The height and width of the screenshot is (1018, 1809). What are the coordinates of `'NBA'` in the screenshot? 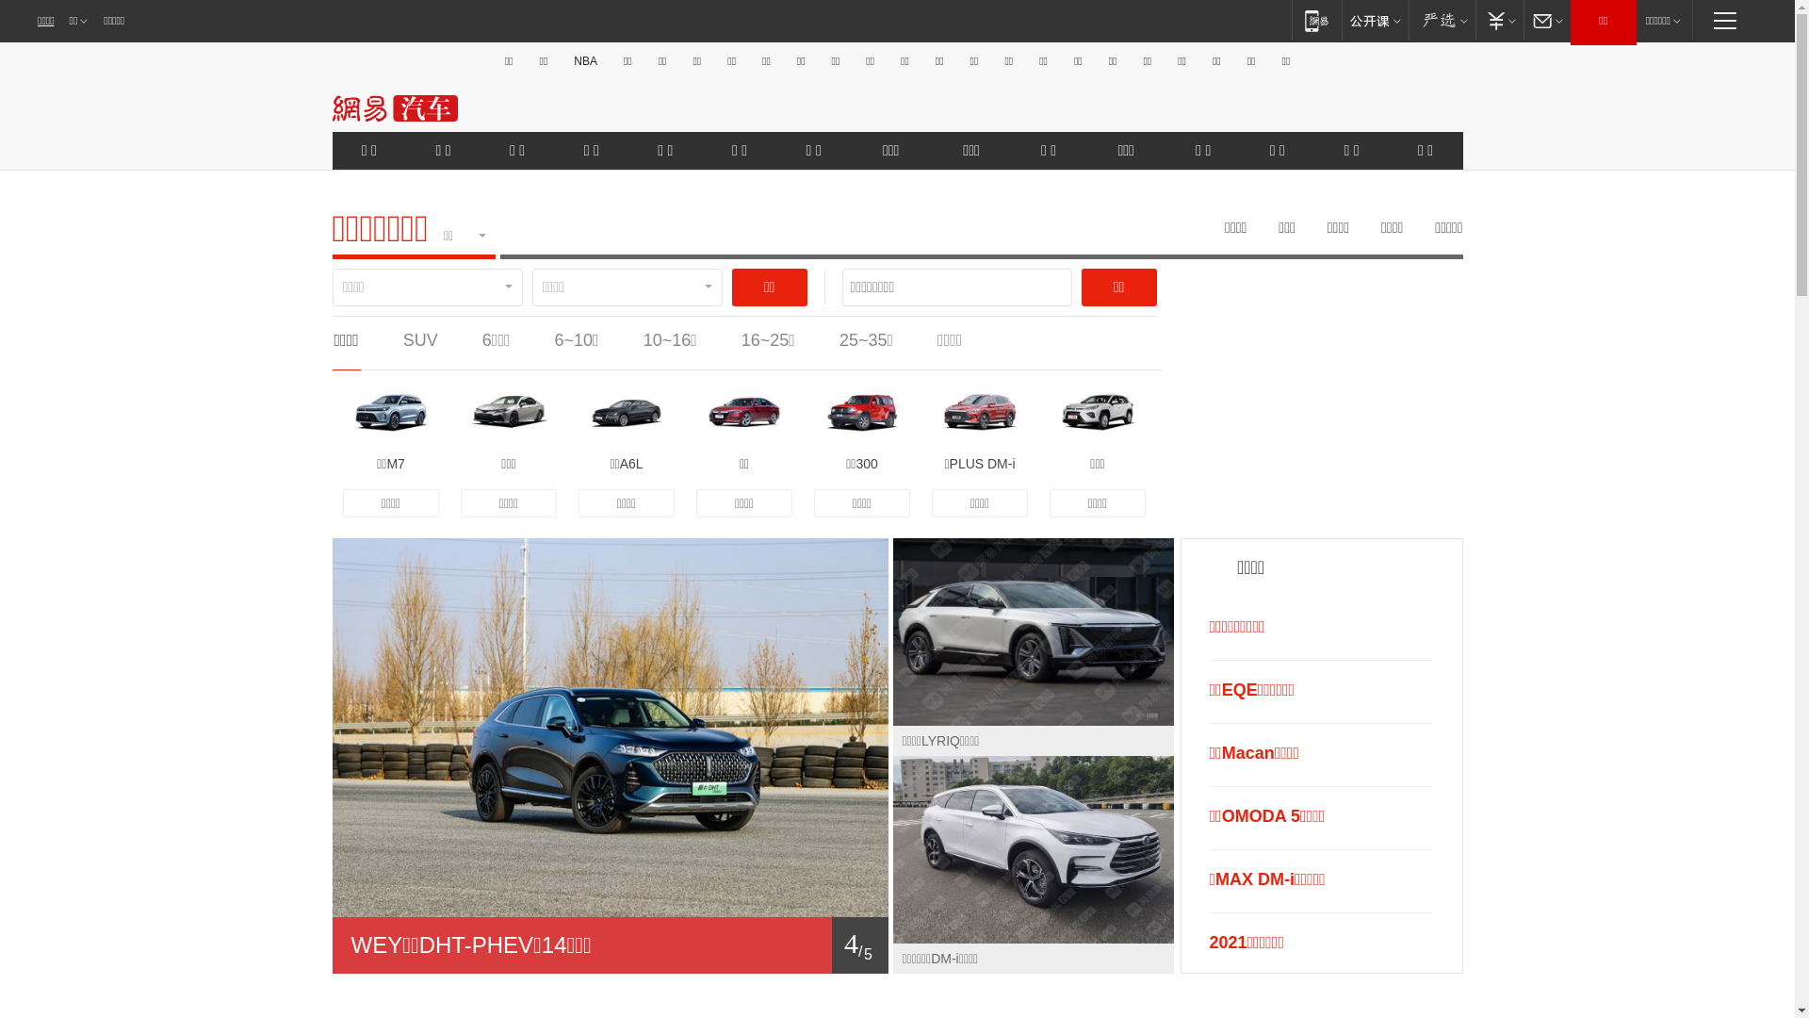 It's located at (584, 60).